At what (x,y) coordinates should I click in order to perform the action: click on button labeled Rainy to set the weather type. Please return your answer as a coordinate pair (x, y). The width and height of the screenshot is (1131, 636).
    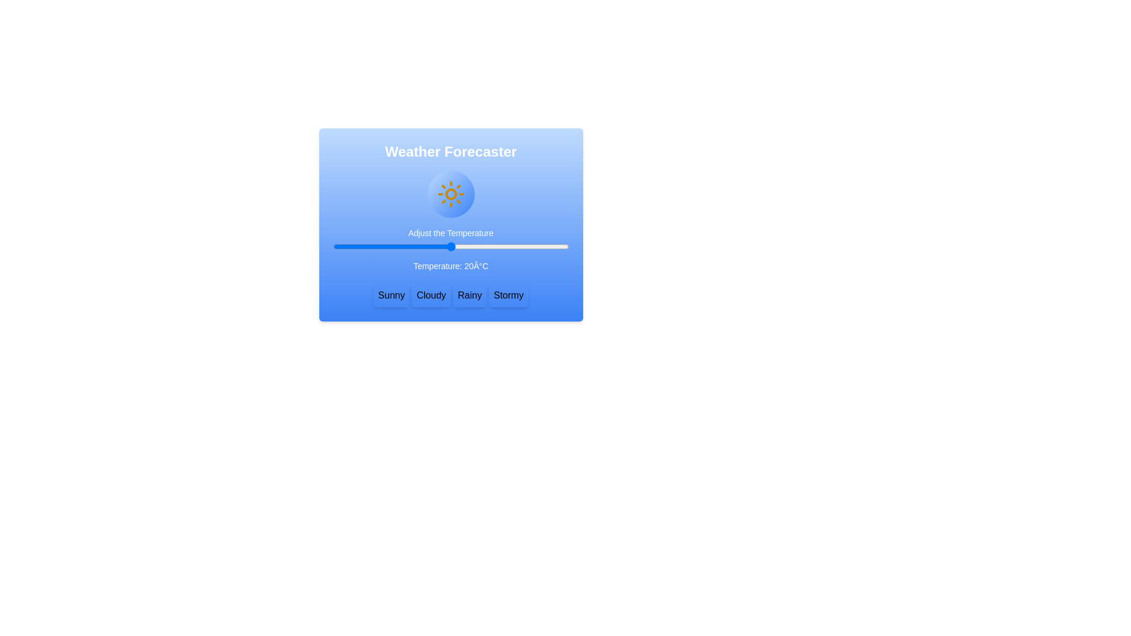
    Looking at the image, I should click on (469, 294).